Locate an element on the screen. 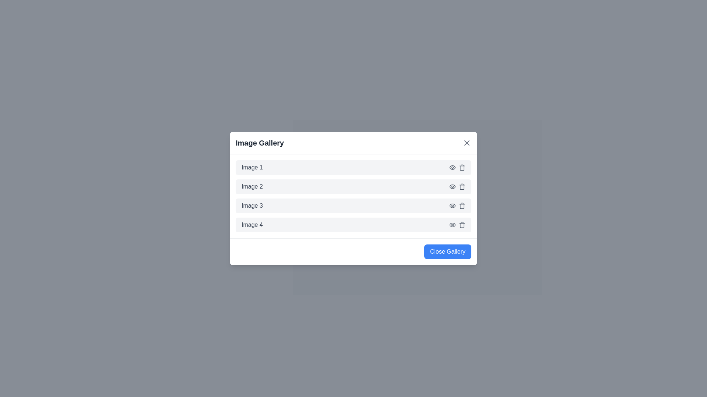 Image resolution: width=707 pixels, height=397 pixels. the small cross icon button in the top-right corner of the 'Image Gallery' modal dialog is located at coordinates (466, 143).